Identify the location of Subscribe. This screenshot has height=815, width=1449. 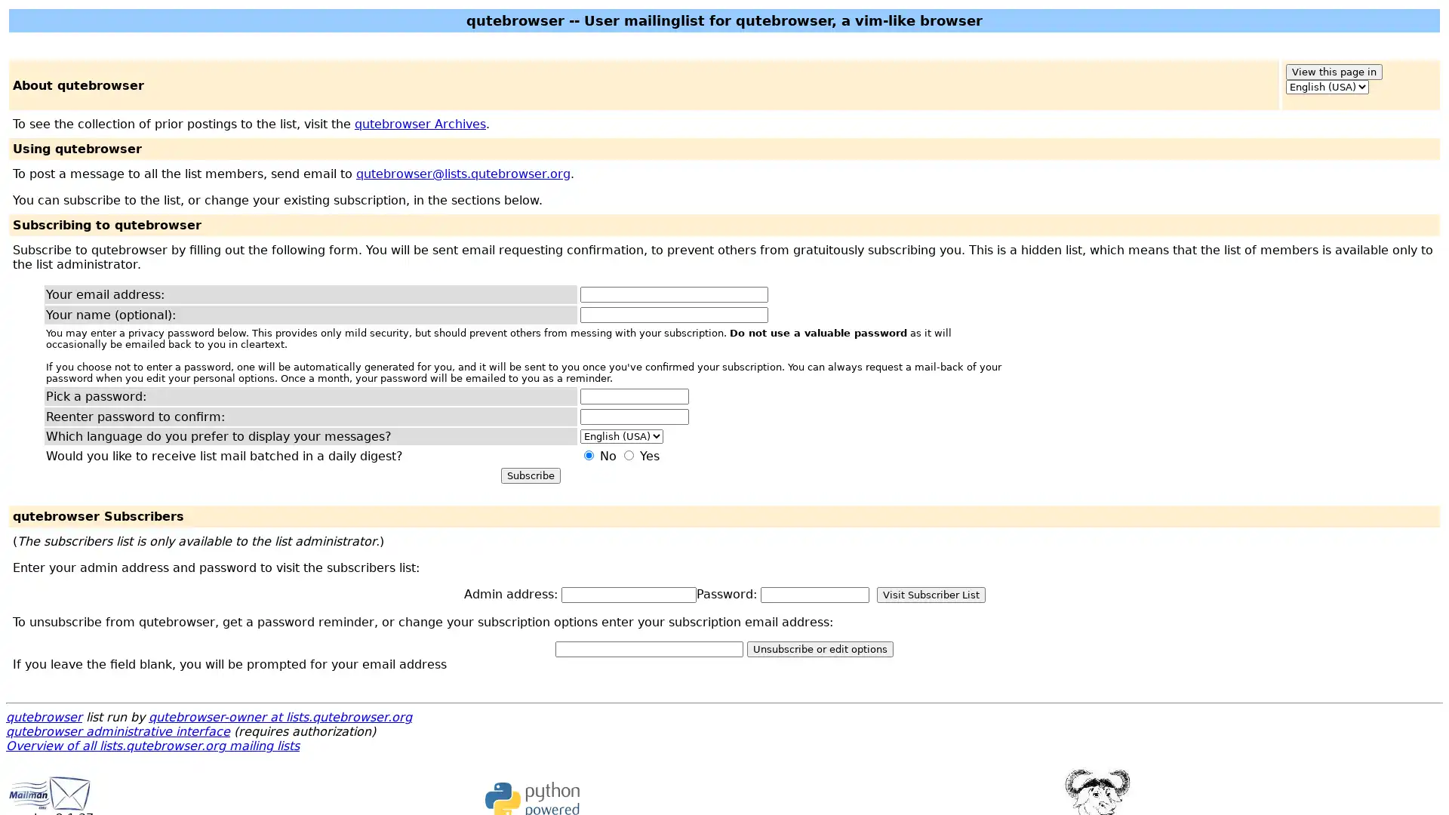
(530, 475).